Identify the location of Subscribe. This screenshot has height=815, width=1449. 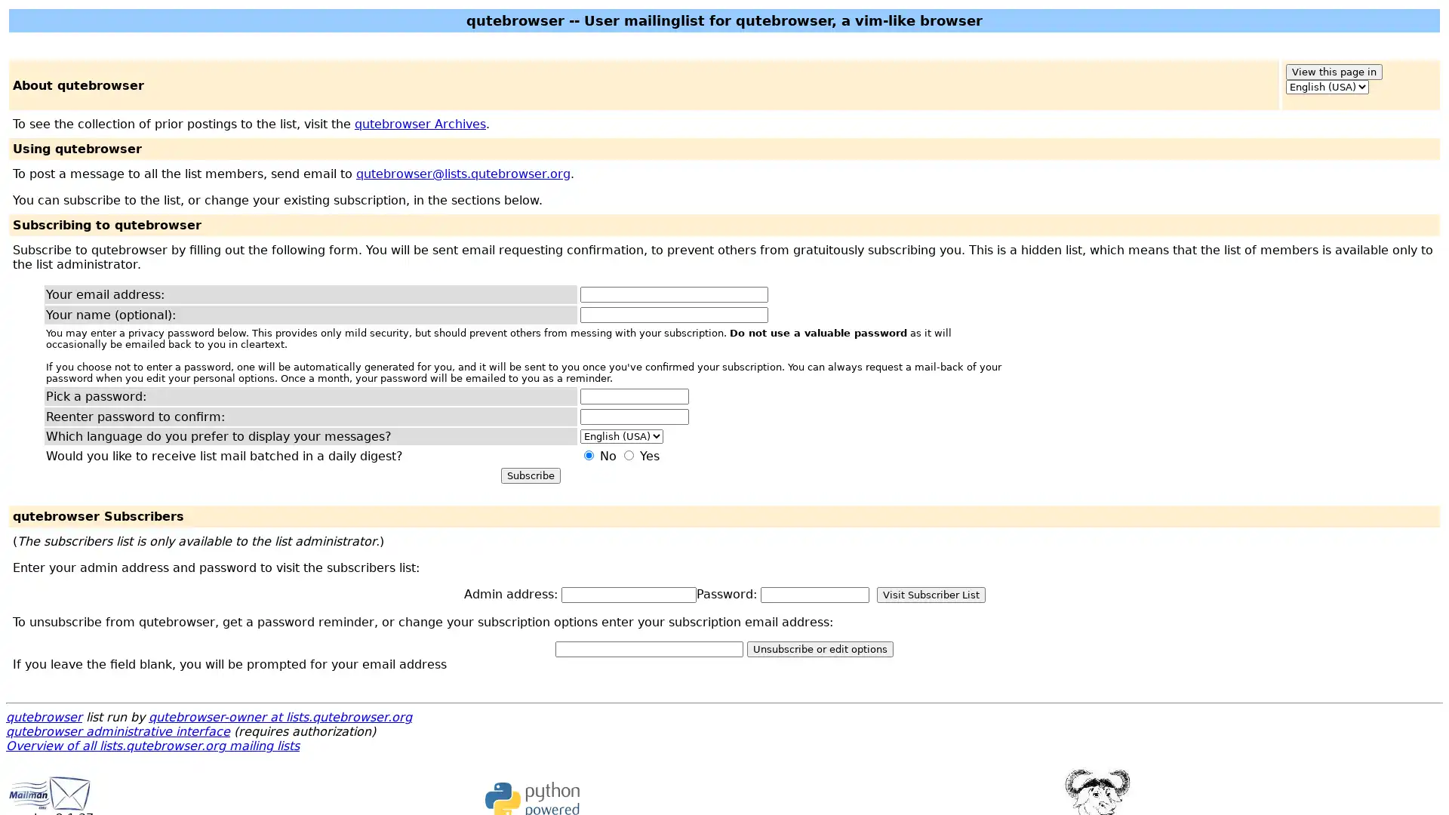
(530, 475).